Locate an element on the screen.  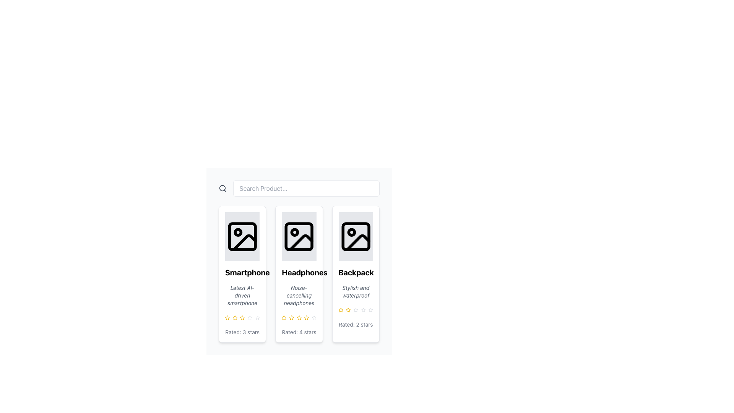
the second product card in the vertically oriented list of products is located at coordinates (299, 261).